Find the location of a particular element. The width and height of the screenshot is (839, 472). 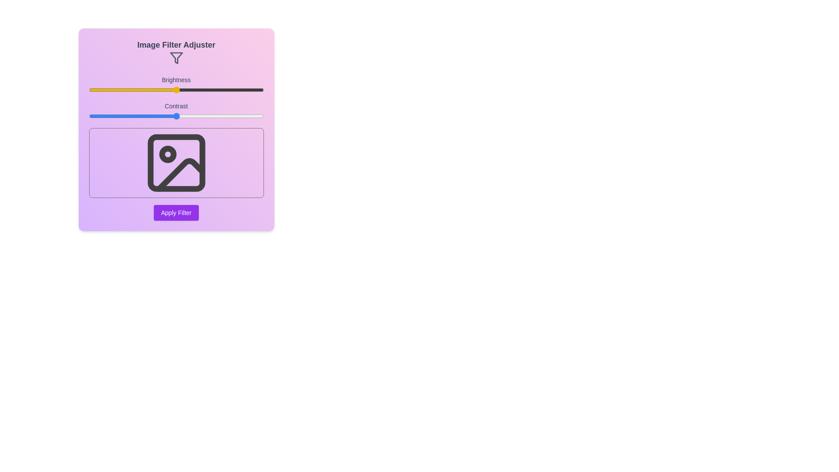

'Apply Filter' button to apply the current filter settings is located at coordinates (176, 212).